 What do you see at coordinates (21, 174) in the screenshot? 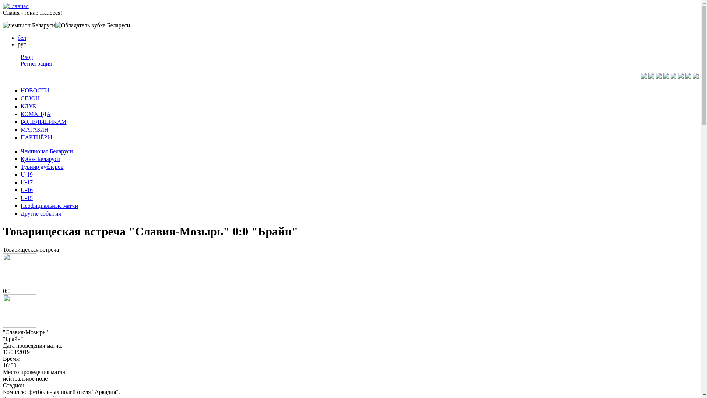
I see `'U-19'` at bounding box center [21, 174].